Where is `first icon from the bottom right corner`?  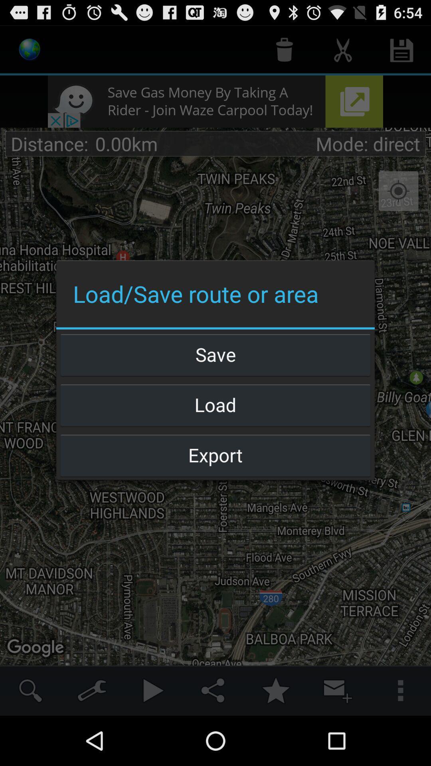
first icon from the bottom right corner is located at coordinates (400, 690).